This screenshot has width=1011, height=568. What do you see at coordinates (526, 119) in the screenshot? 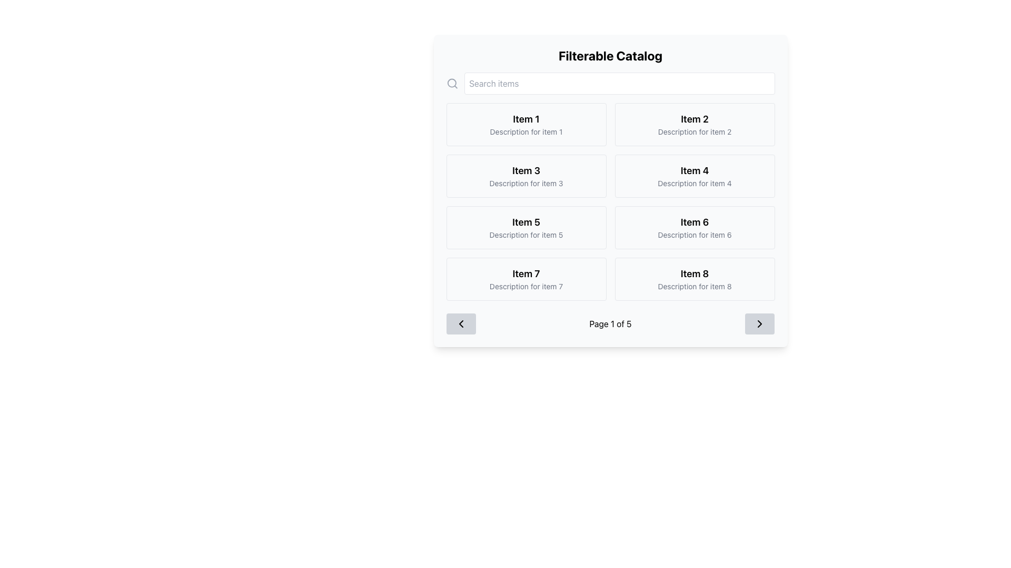
I see `the text label that serves as the title of the first item in the grid, located at the top-left corner of the catalog layout` at bounding box center [526, 119].